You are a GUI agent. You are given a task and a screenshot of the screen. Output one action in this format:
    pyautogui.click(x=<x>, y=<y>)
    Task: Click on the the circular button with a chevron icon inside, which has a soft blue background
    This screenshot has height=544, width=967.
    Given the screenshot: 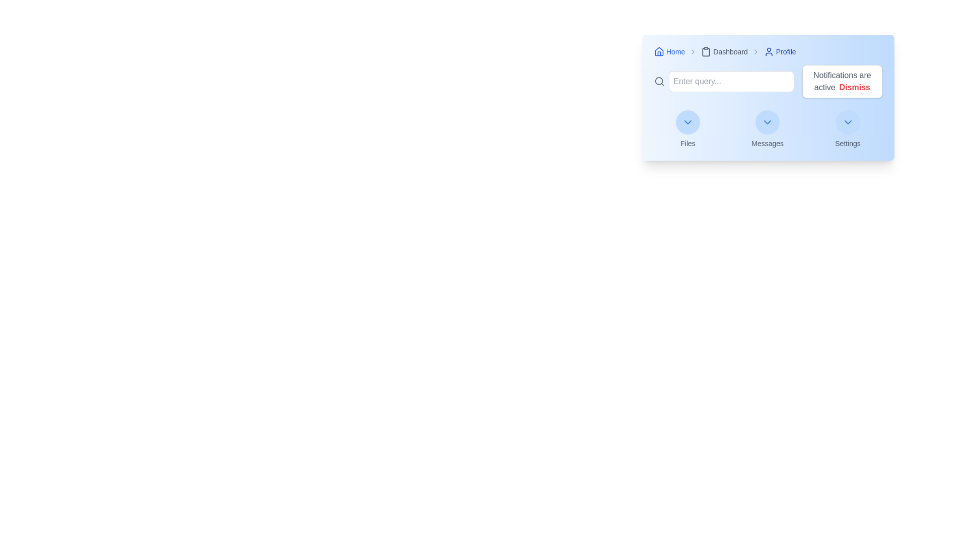 What is the action you would take?
    pyautogui.click(x=767, y=122)
    